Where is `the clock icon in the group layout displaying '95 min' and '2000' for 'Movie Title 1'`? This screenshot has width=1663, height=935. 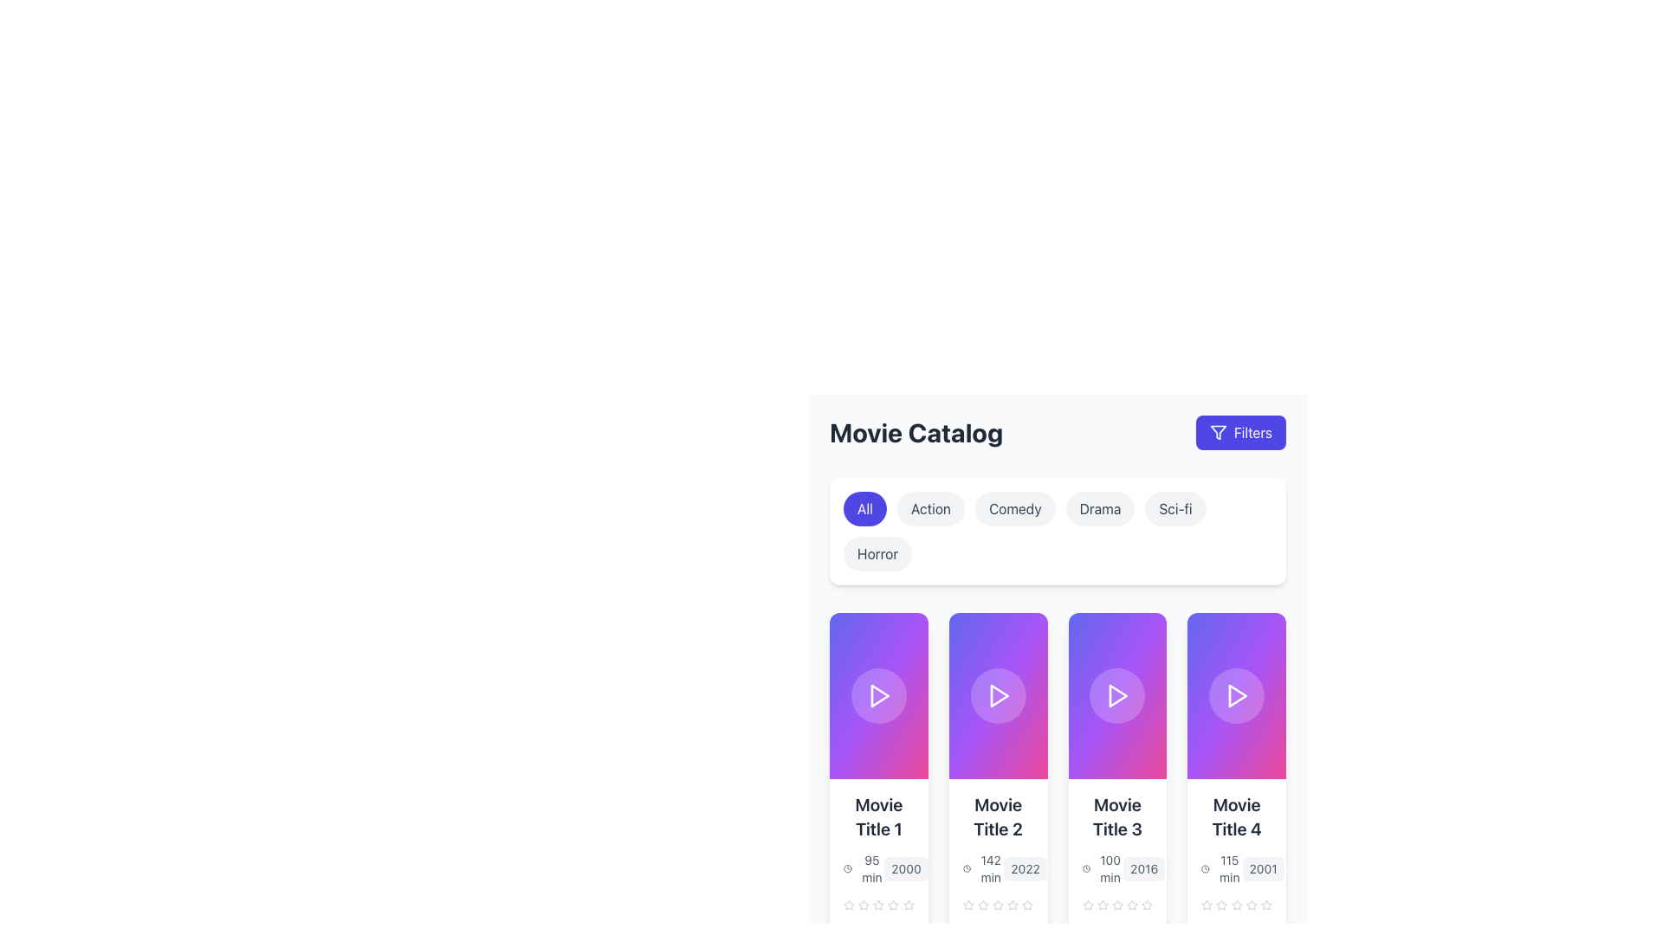
the clock icon in the group layout displaying '95 min' and '2000' for 'Movie Title 1' is located at coordinates (878, 868).